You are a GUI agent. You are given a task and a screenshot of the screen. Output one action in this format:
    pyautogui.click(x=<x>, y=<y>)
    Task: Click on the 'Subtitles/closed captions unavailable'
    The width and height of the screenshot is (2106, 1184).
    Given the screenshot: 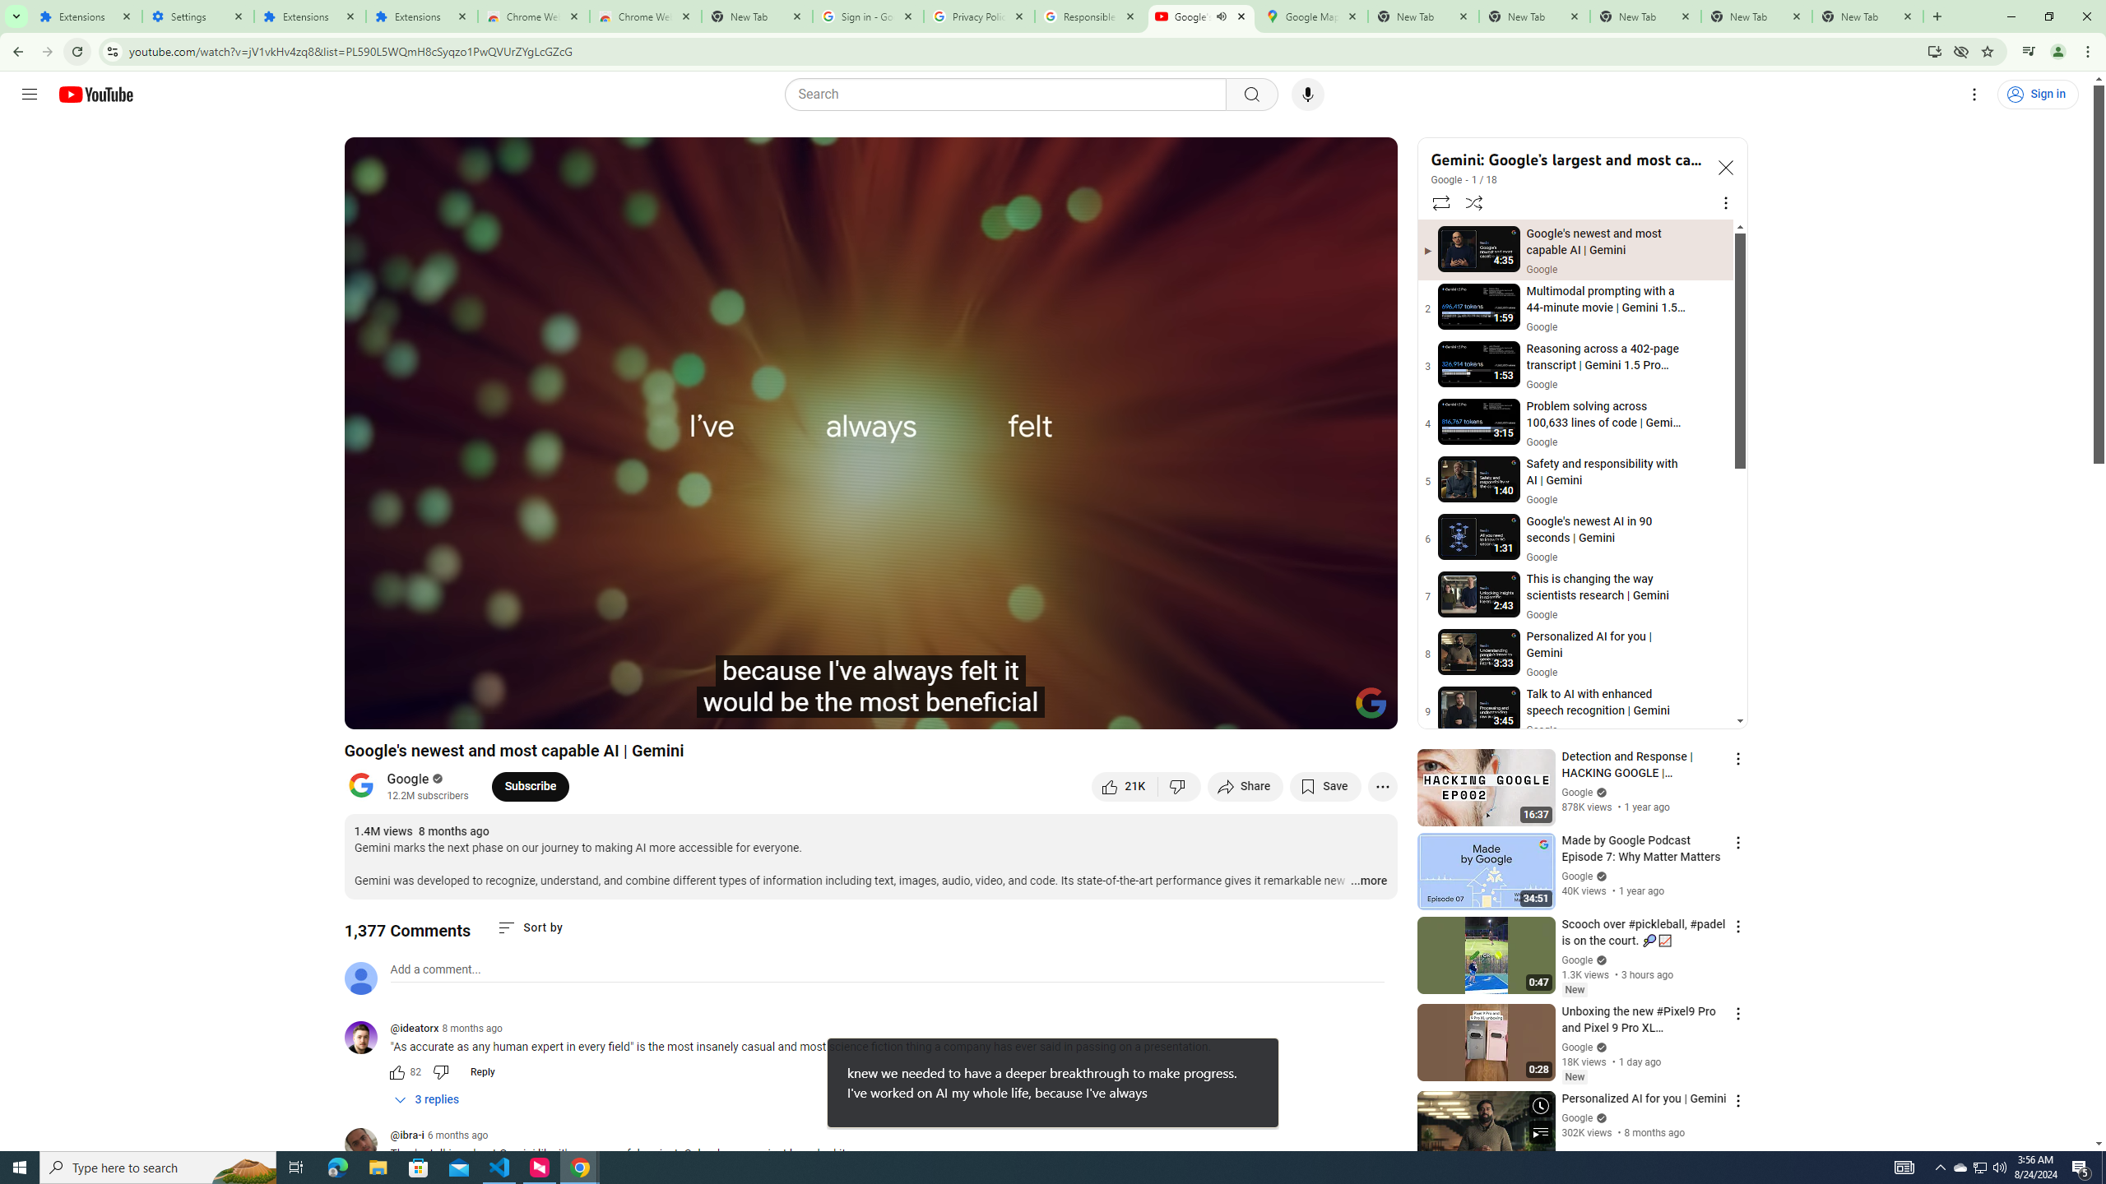 What is the action you would take?
    pyautogui.click(x=1208, y=709)
    